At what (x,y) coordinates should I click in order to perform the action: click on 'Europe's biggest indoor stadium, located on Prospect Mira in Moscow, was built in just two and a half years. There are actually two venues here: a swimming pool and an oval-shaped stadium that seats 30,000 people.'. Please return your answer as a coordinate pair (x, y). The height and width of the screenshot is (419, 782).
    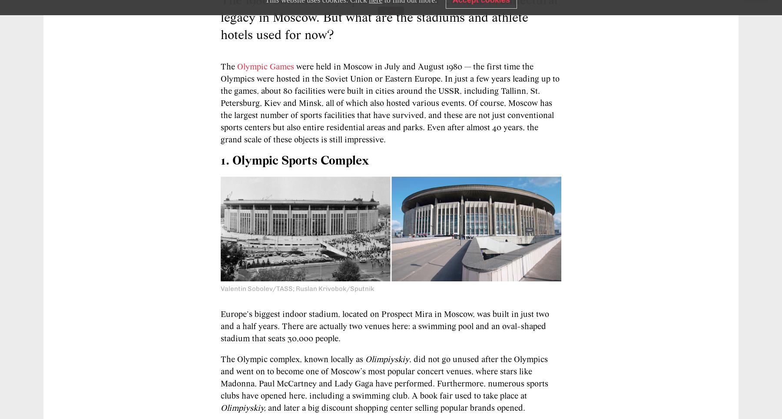
    Looking at the image, I should click on (384, 326).